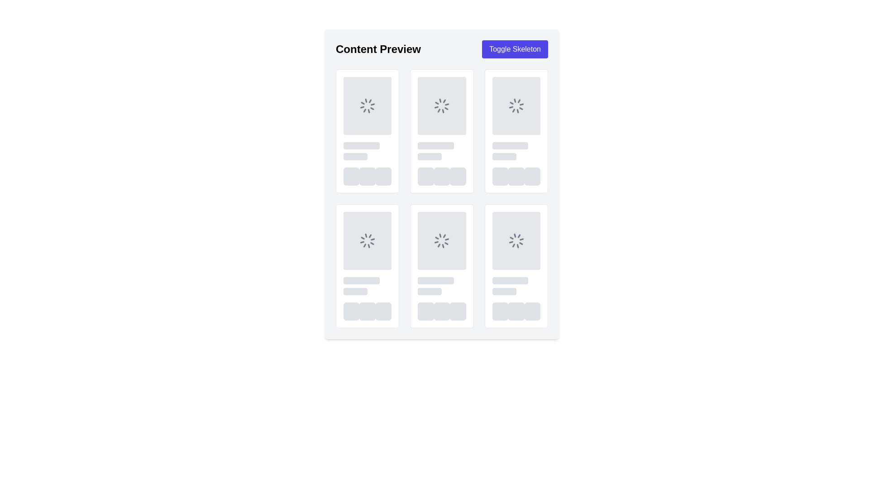 The image size is (869, 489). What do you see at coordinates (436, 145) in the screenshot?
I see `the Loading placeholder element, which is a gray rectangular bar with rounded edges indicating content loading, located in the second column below the 'Content Preview' header` at bounding box center [436, 145].